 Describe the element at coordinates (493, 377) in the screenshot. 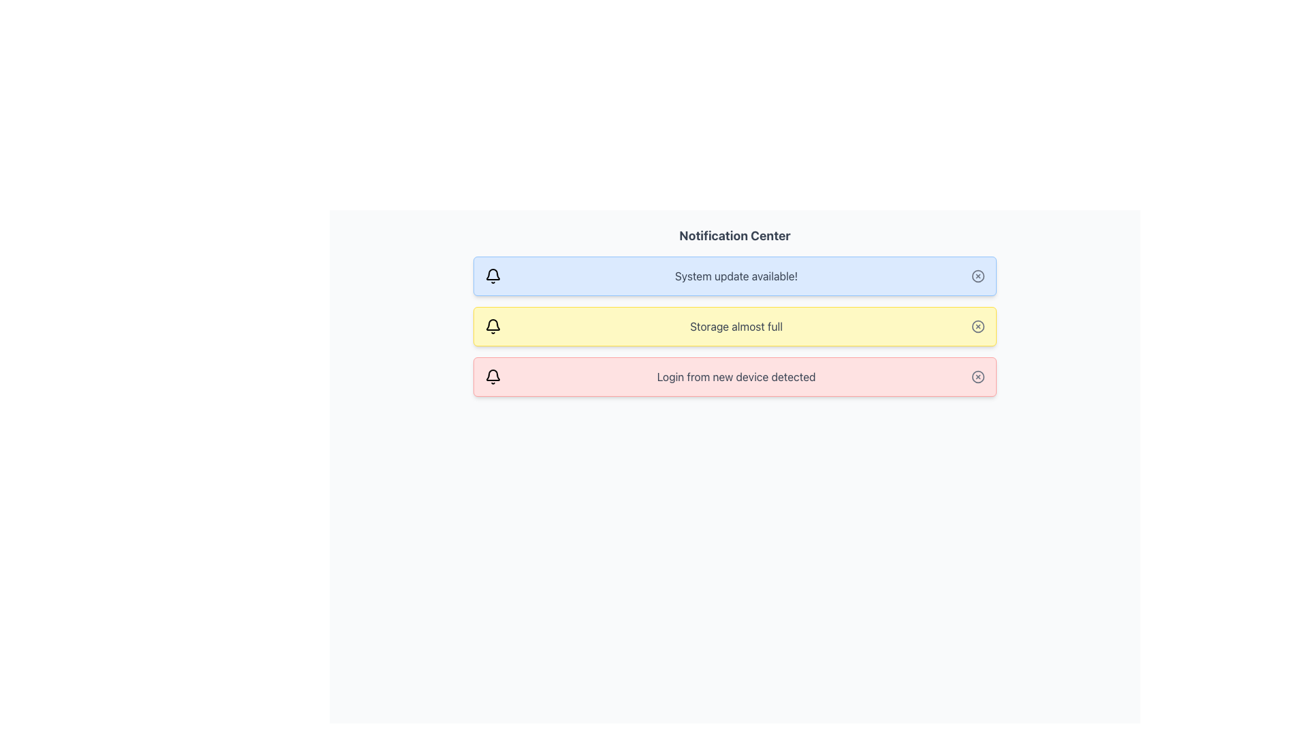

I see `the alert icon located at the far left of the red notification card that contains the text 'Login from new device detected'` at that location.